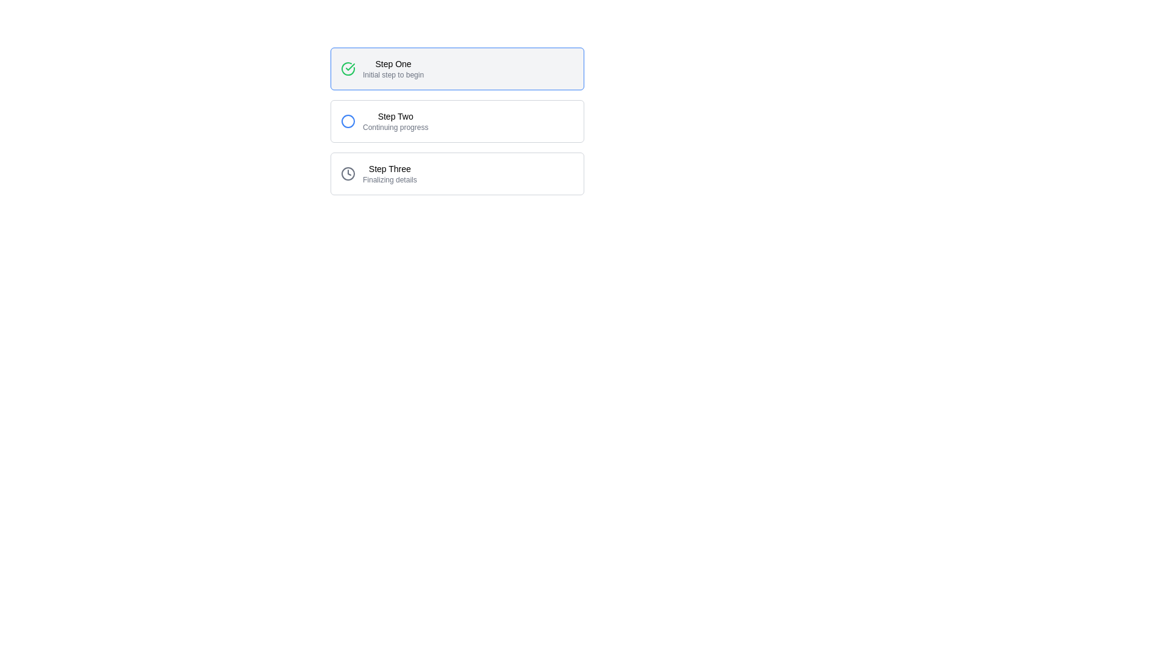 The width and height of the screenshot is (1171, 659). What do you see at coordinates (389, 174) in the screenshot?
I see `text from the Textual Label Group located in the third row of the vertically aligned list of steps, adjacent to the clock icon` at bounding box center [389, 174].